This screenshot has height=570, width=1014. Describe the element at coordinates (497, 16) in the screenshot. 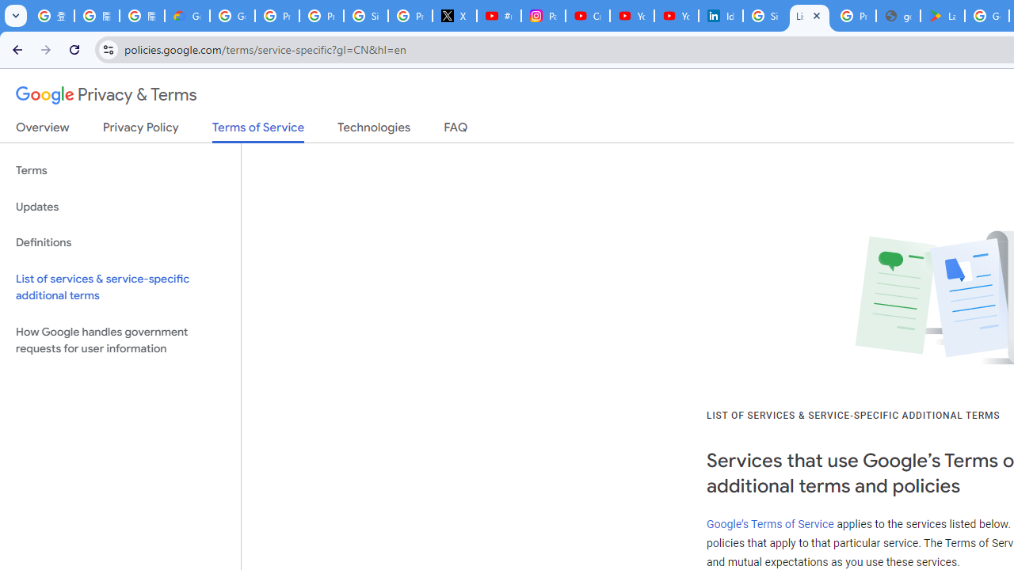

I see `'#nbabasketballhighlights - YouTube'` at that location.